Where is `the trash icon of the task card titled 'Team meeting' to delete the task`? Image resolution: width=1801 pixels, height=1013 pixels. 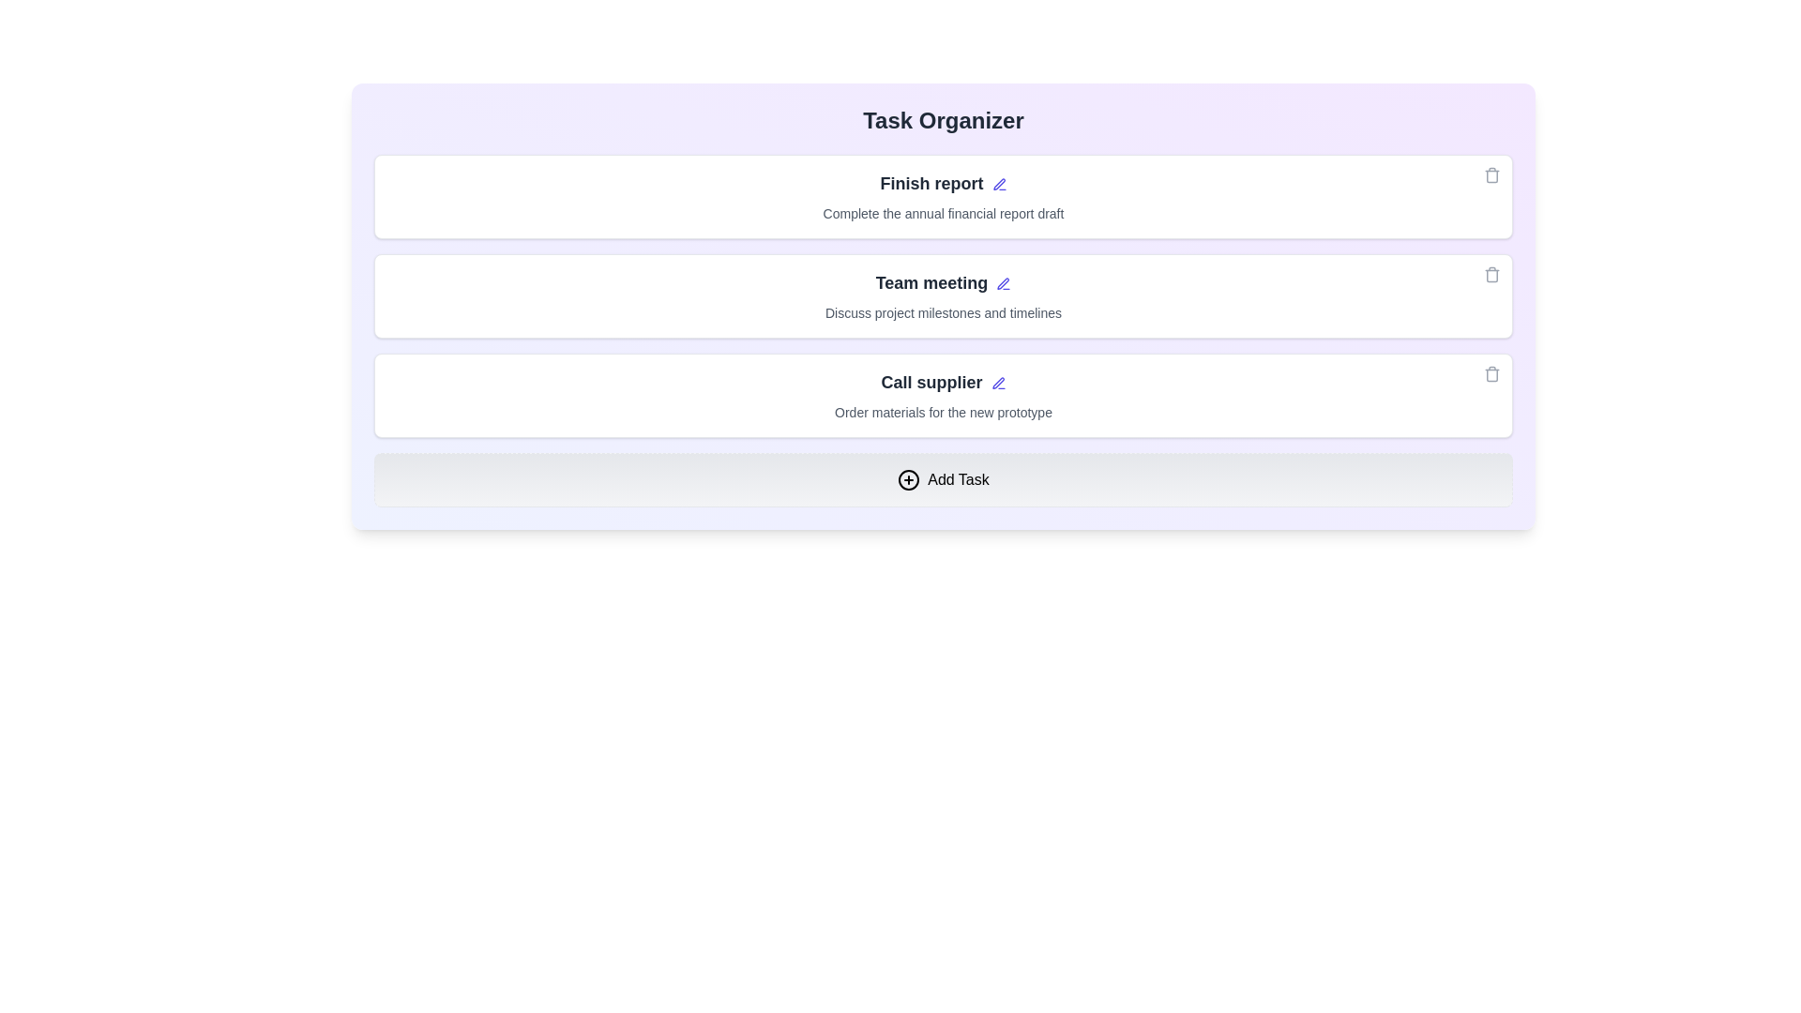
the trash icon of the task card titled 'Team meeting' to delete the task is located at coordinates (1491, 275).